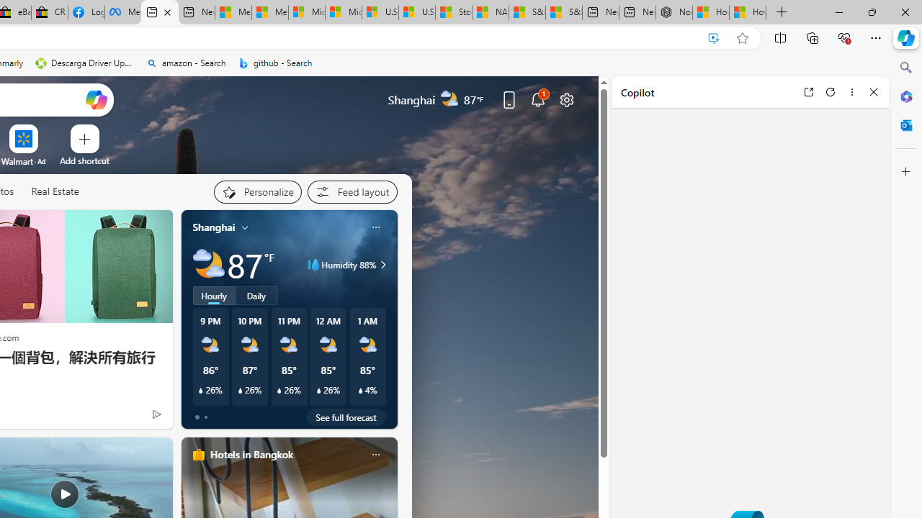  I want to click on 'Open link in new tab', so click(808, 91).